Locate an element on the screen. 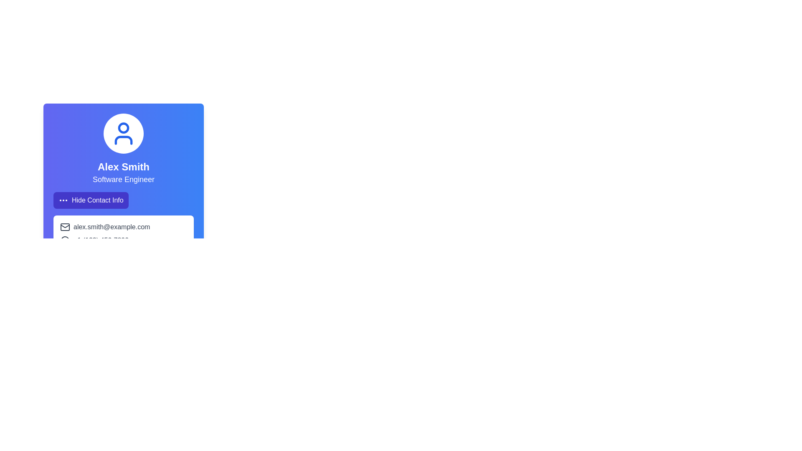 Image resolution: width=802 pixels, height=451 pixels. the small circular icon with a filled triangular shape inside, located below the email address 'alex.smith@example.com' and above the phone number information is located at coordinates (64, 241).